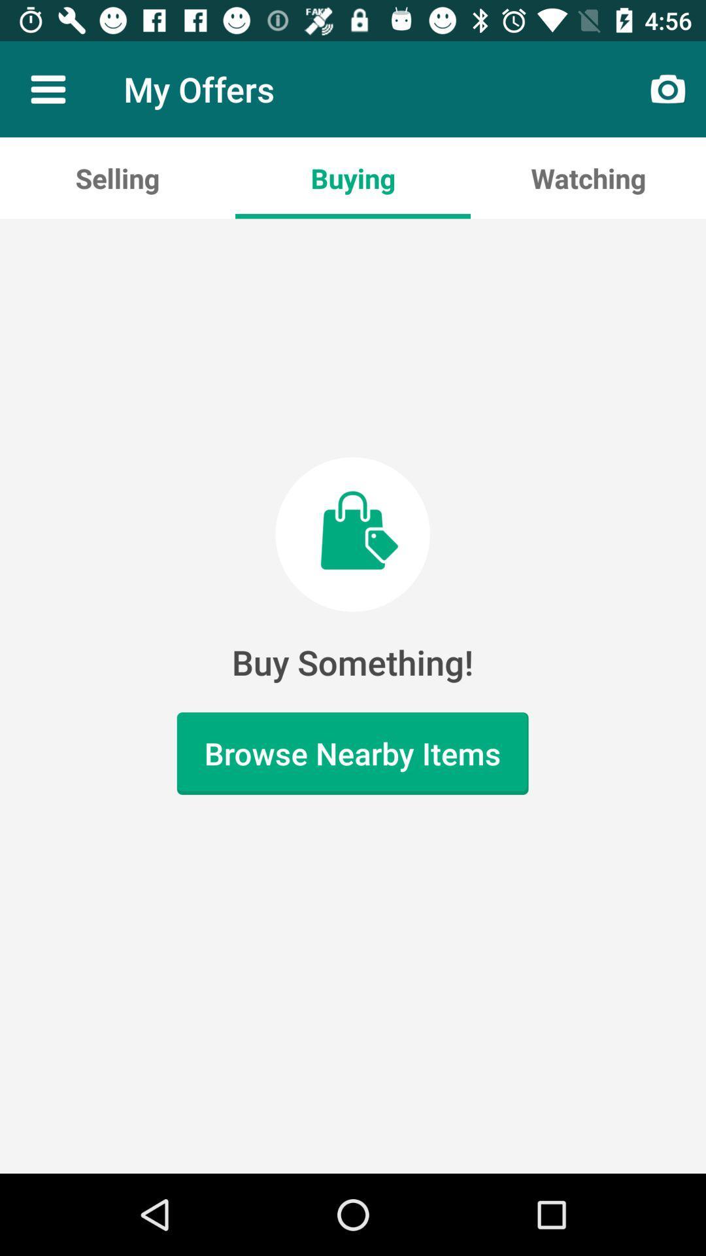  Describe the element at coordinates (118, 177) in the screenshot. I see `item to the left of buying` at that location.